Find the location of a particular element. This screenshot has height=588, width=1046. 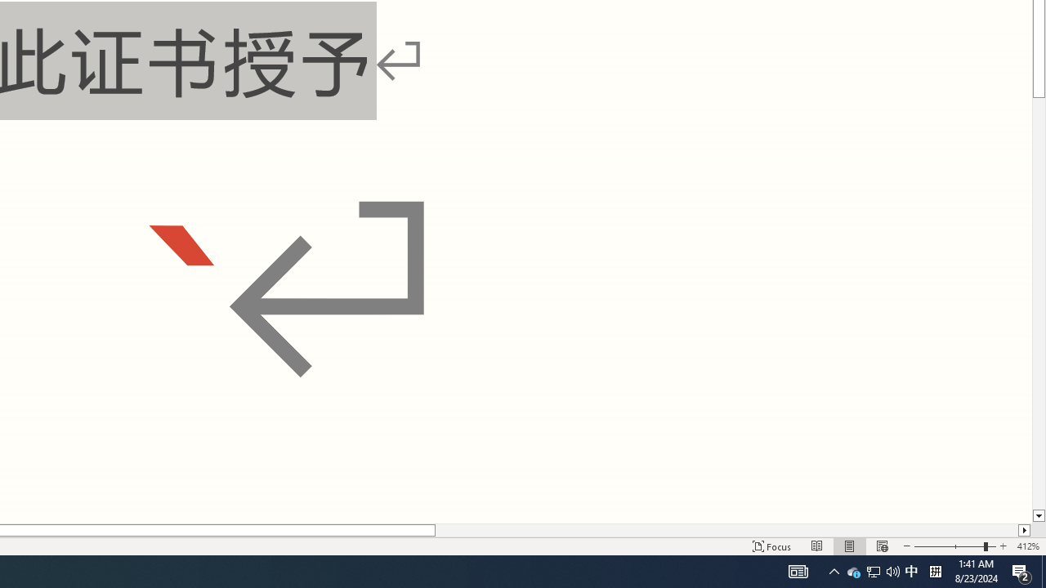

'Print Layout' is located at coordinates (850, 546).